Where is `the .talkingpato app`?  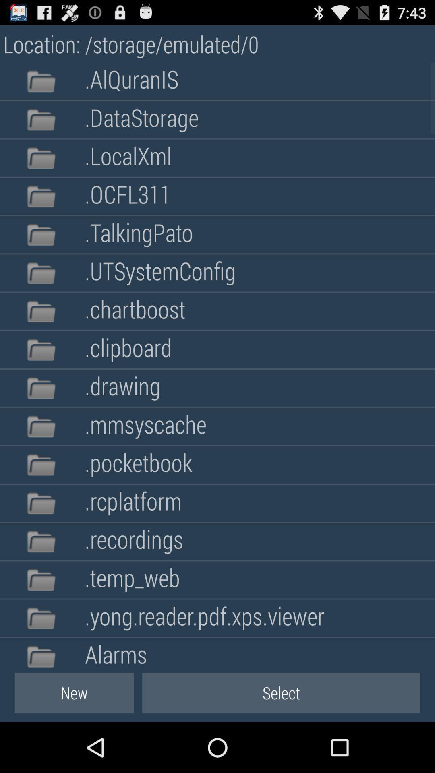 the .talkingpato app is located at coordinates (138, 234).